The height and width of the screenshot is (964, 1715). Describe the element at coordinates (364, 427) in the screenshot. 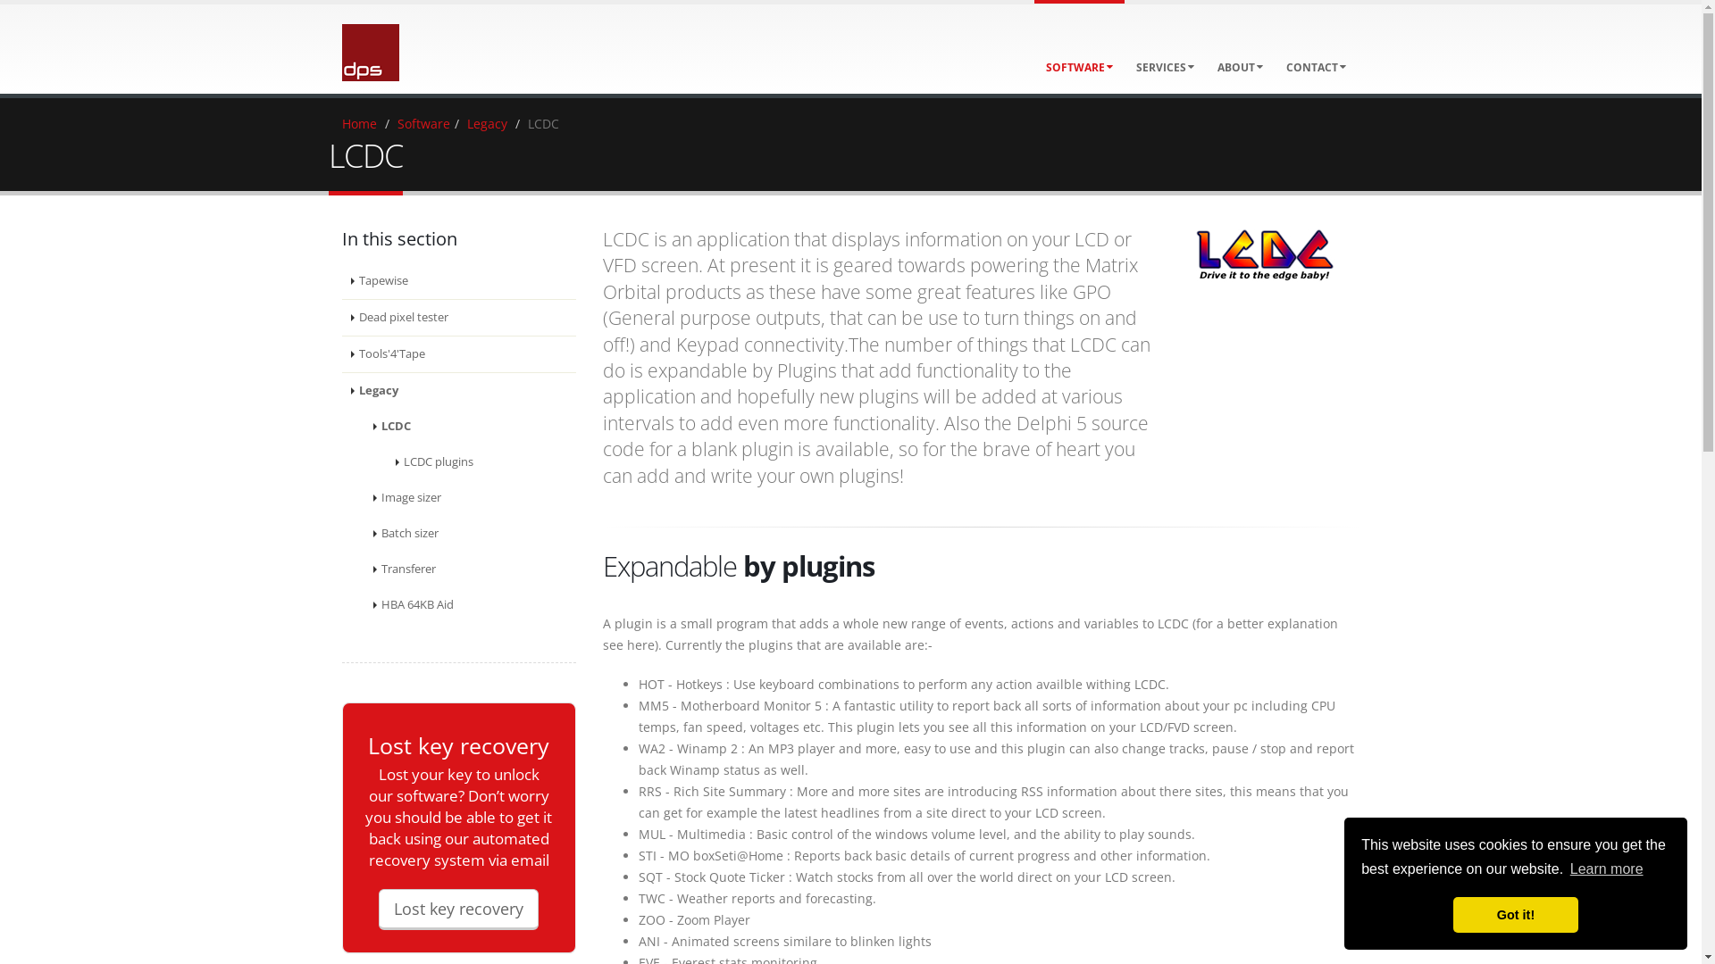

I see `'LCDC'` at that location.